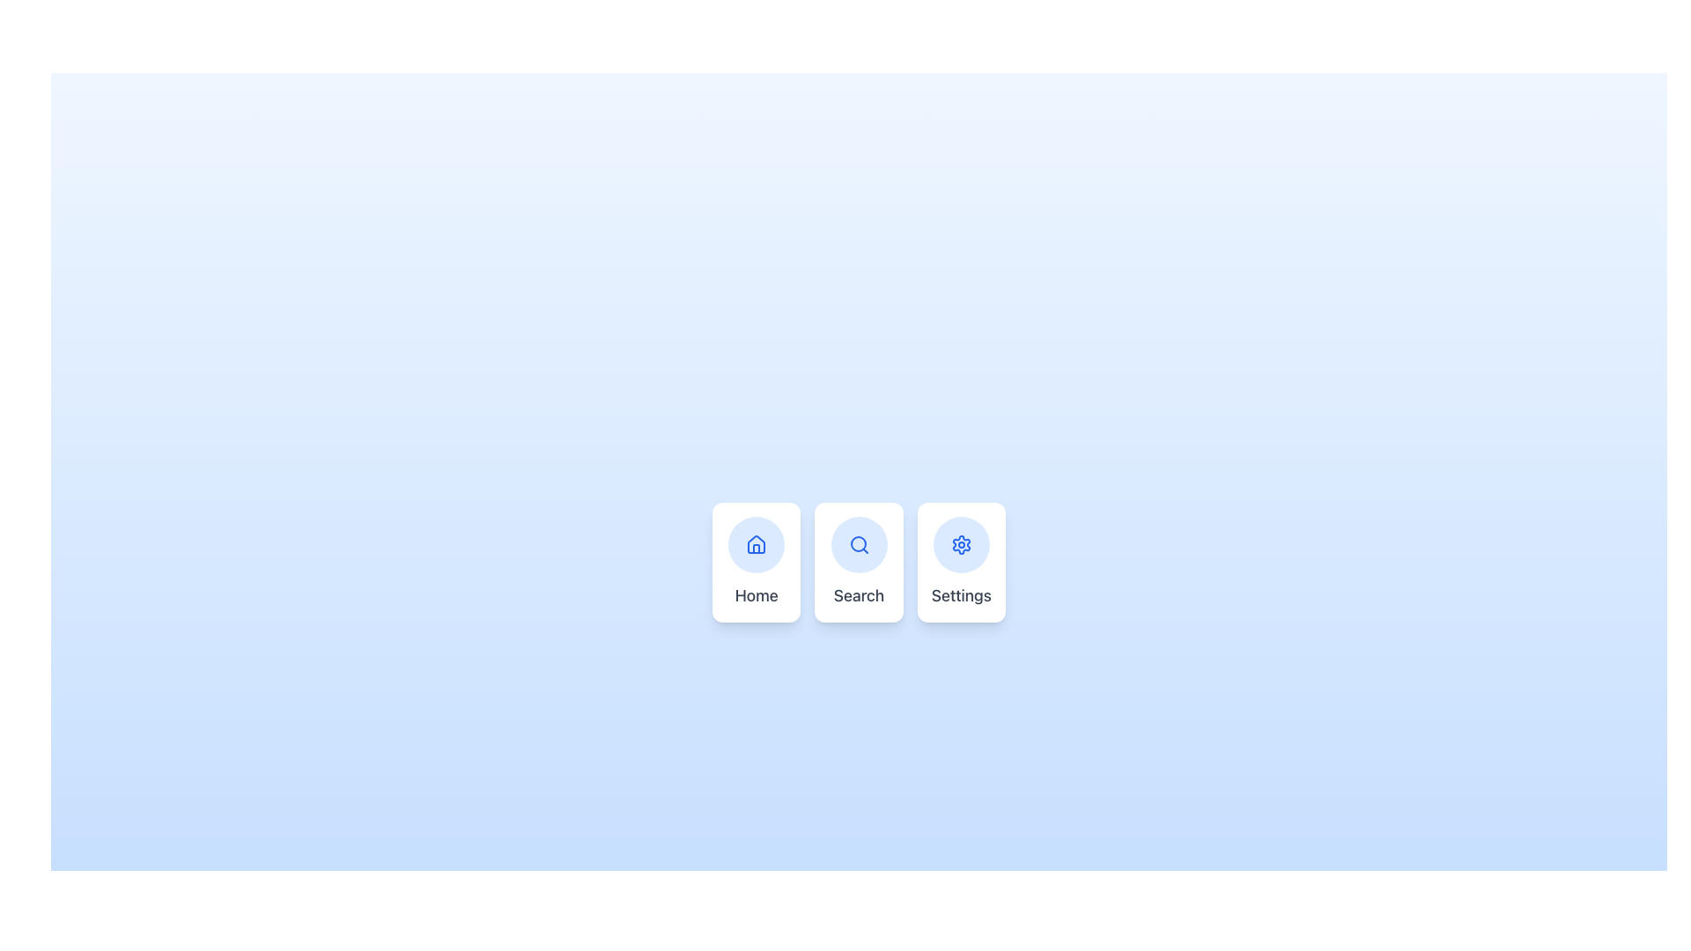  Describe the element at coordinates (757, 563) in the screenshot. I see `the 'Home' button, which is a rectangular card with rounded corners, featuring a home icon and the text 'Home' in gray` at that location.